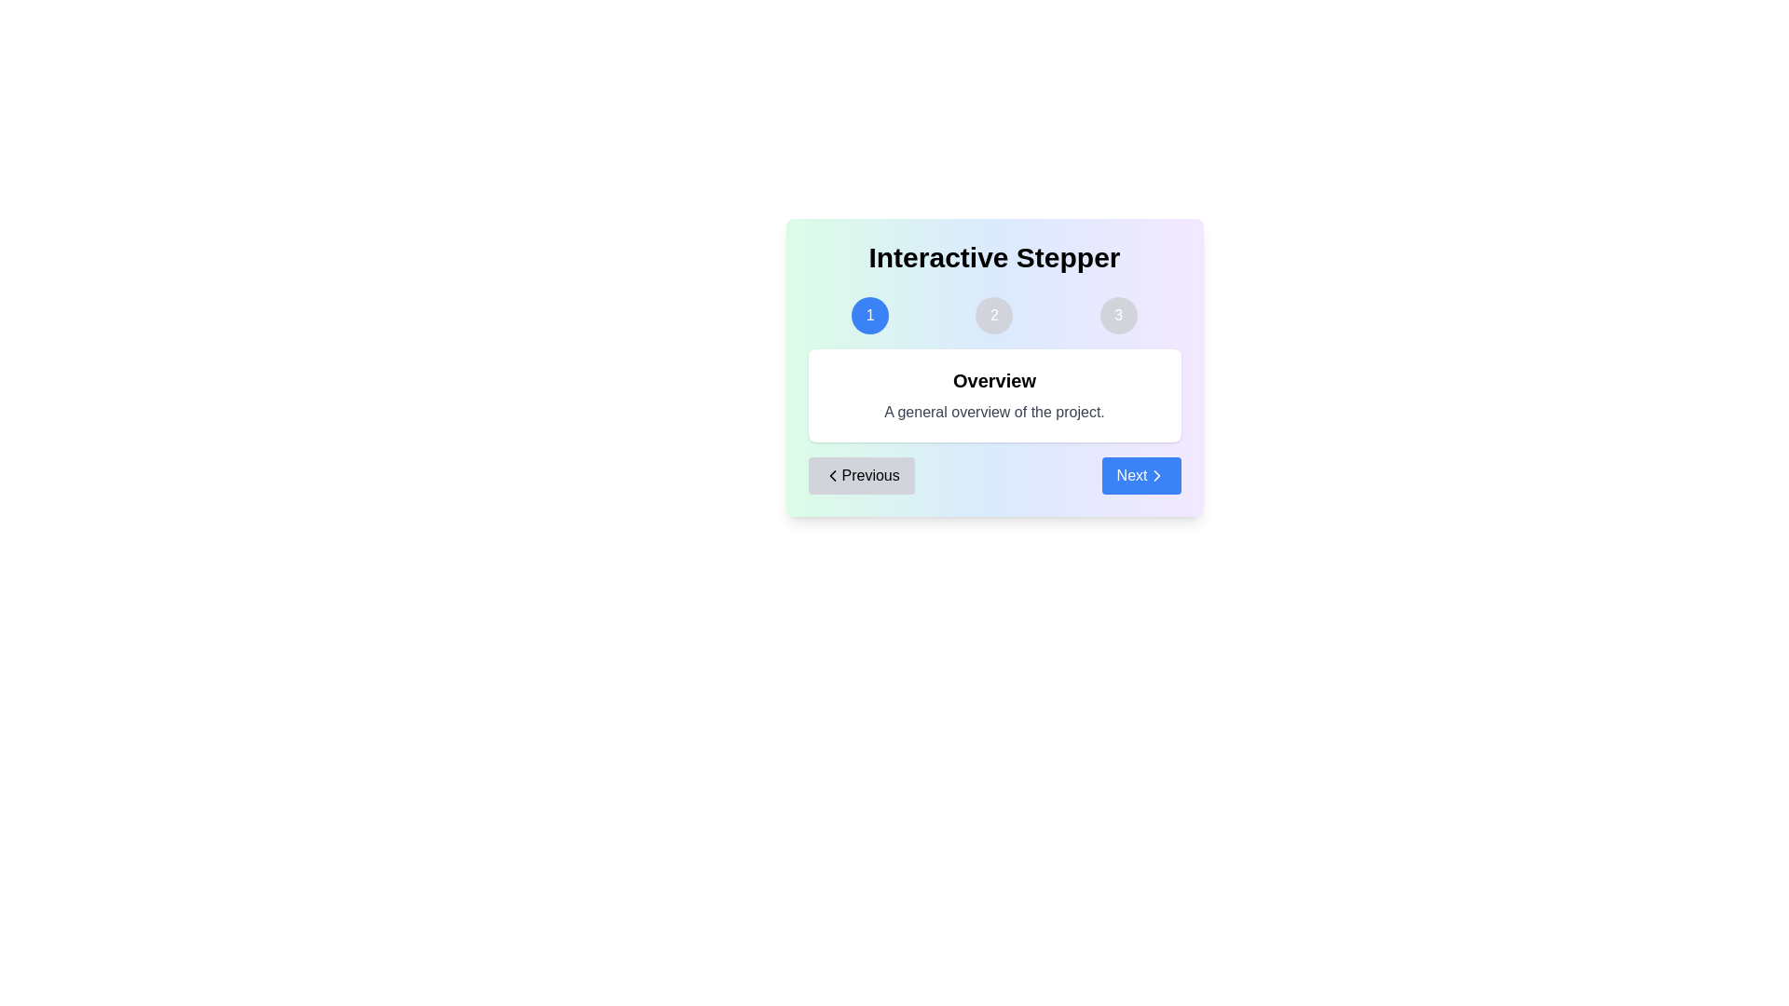  What do you see at coordinates (1140, 474) in the screenshot?
I see `the 'Next' button to navigate to the next step` at bounding box center [1140, 474].